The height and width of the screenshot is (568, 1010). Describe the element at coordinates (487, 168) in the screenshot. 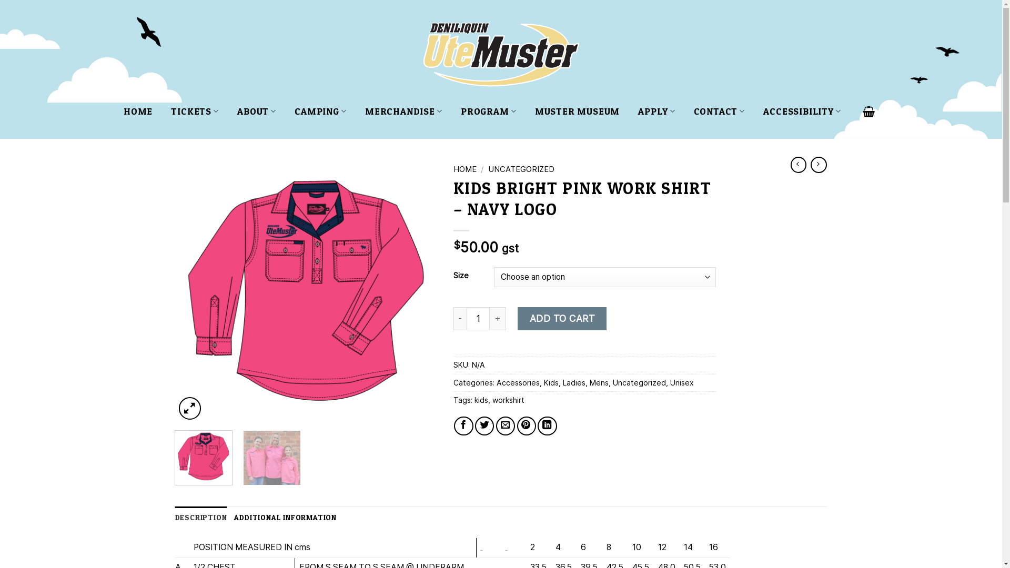

I see `'UNCATEGORIZED'` at that location.